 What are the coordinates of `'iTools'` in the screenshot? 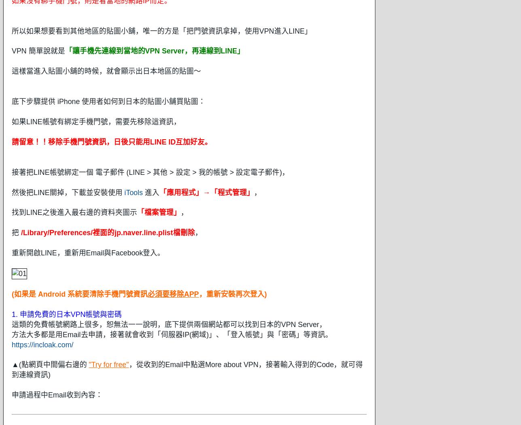 It's located at (124, 192).